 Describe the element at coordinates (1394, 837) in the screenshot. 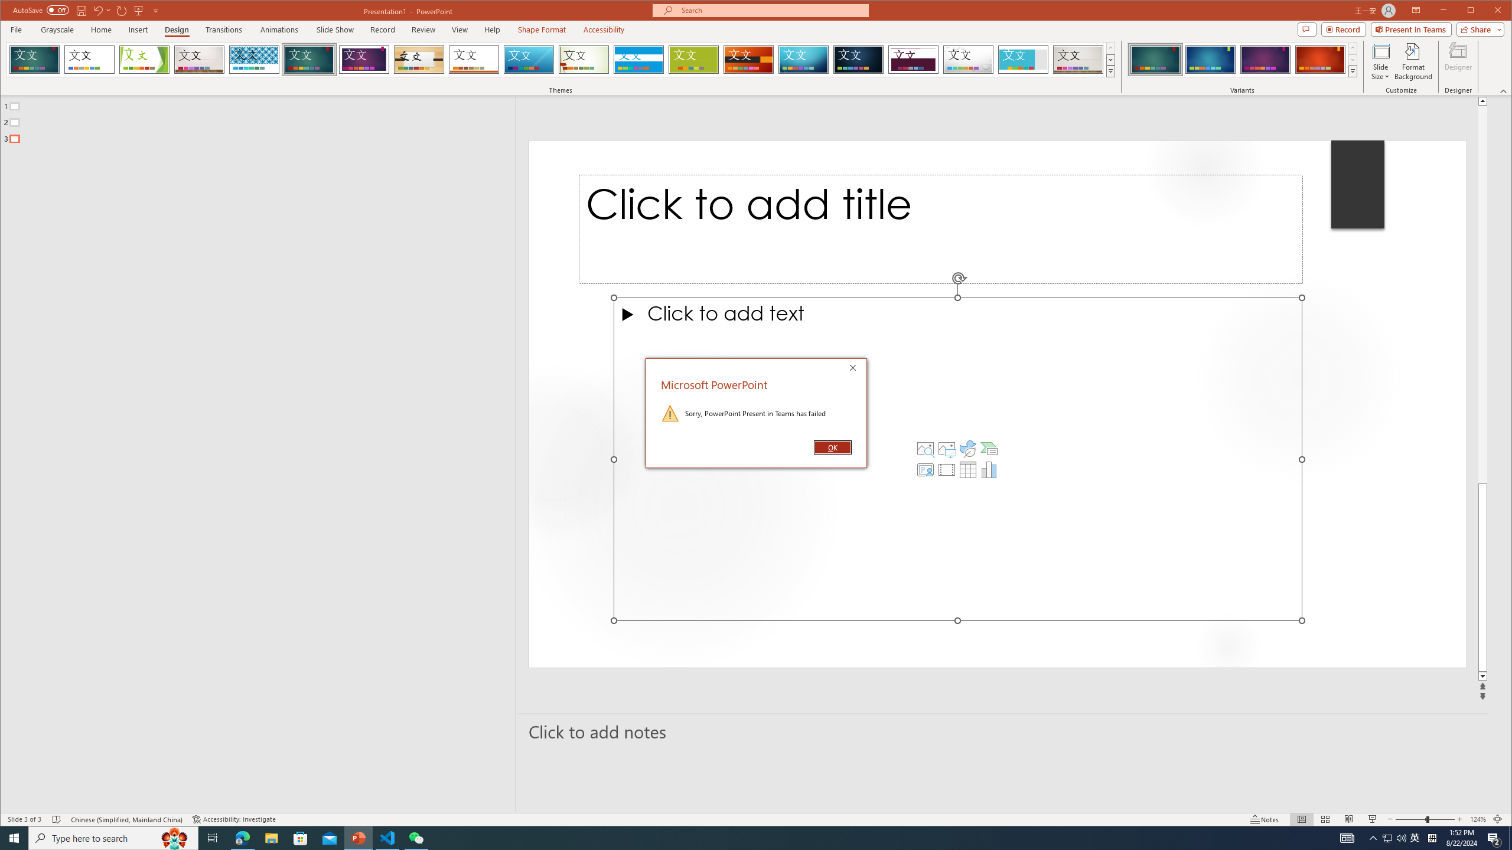

I see `'User Promoted Notification Area'` at that location.